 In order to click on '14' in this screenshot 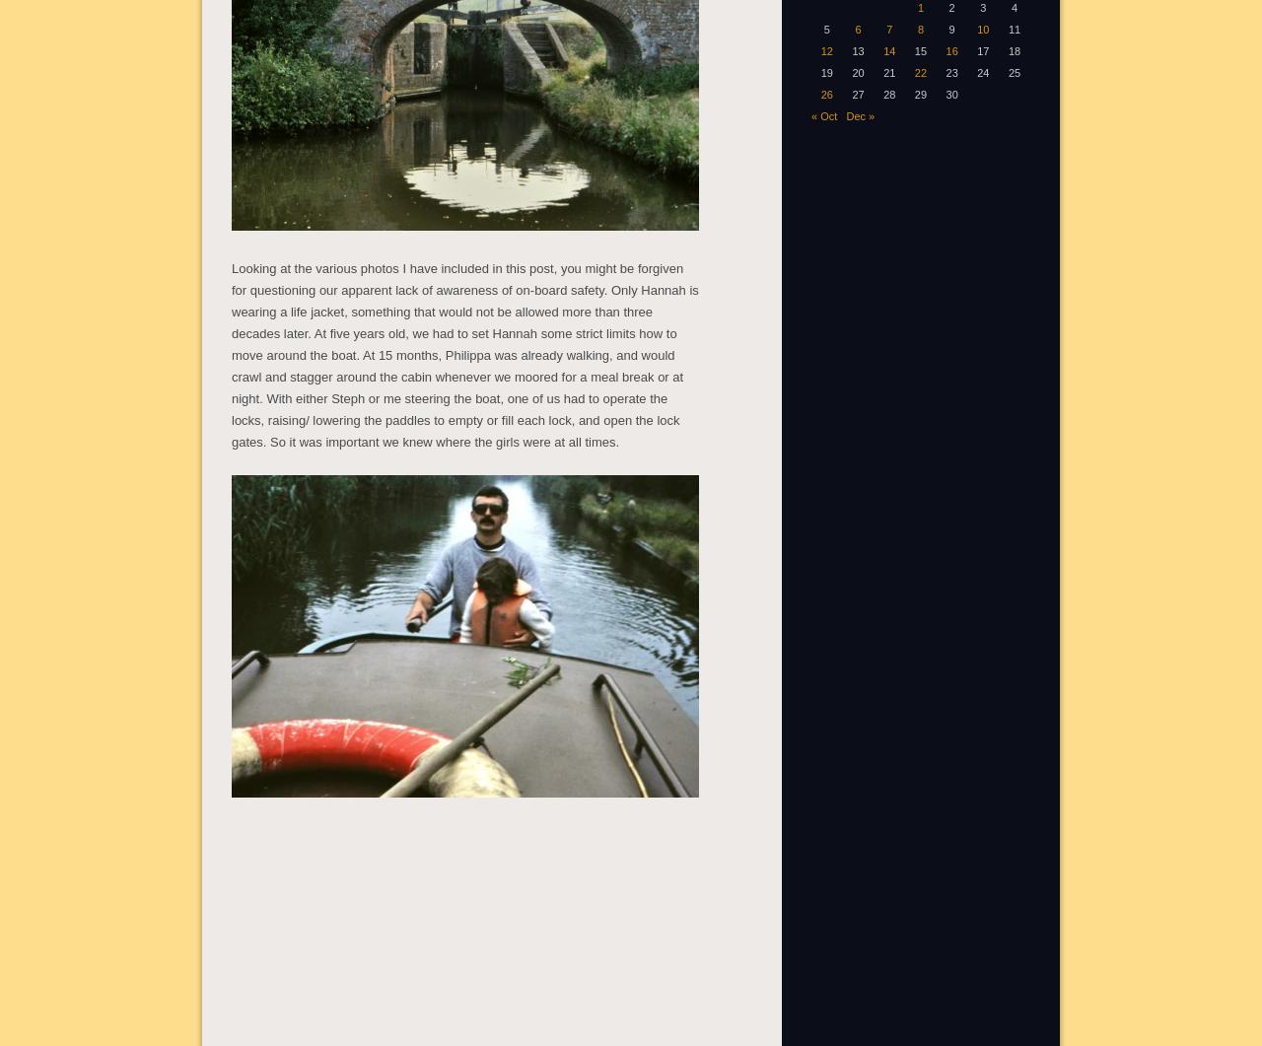, I will do `click(888, 50)`.